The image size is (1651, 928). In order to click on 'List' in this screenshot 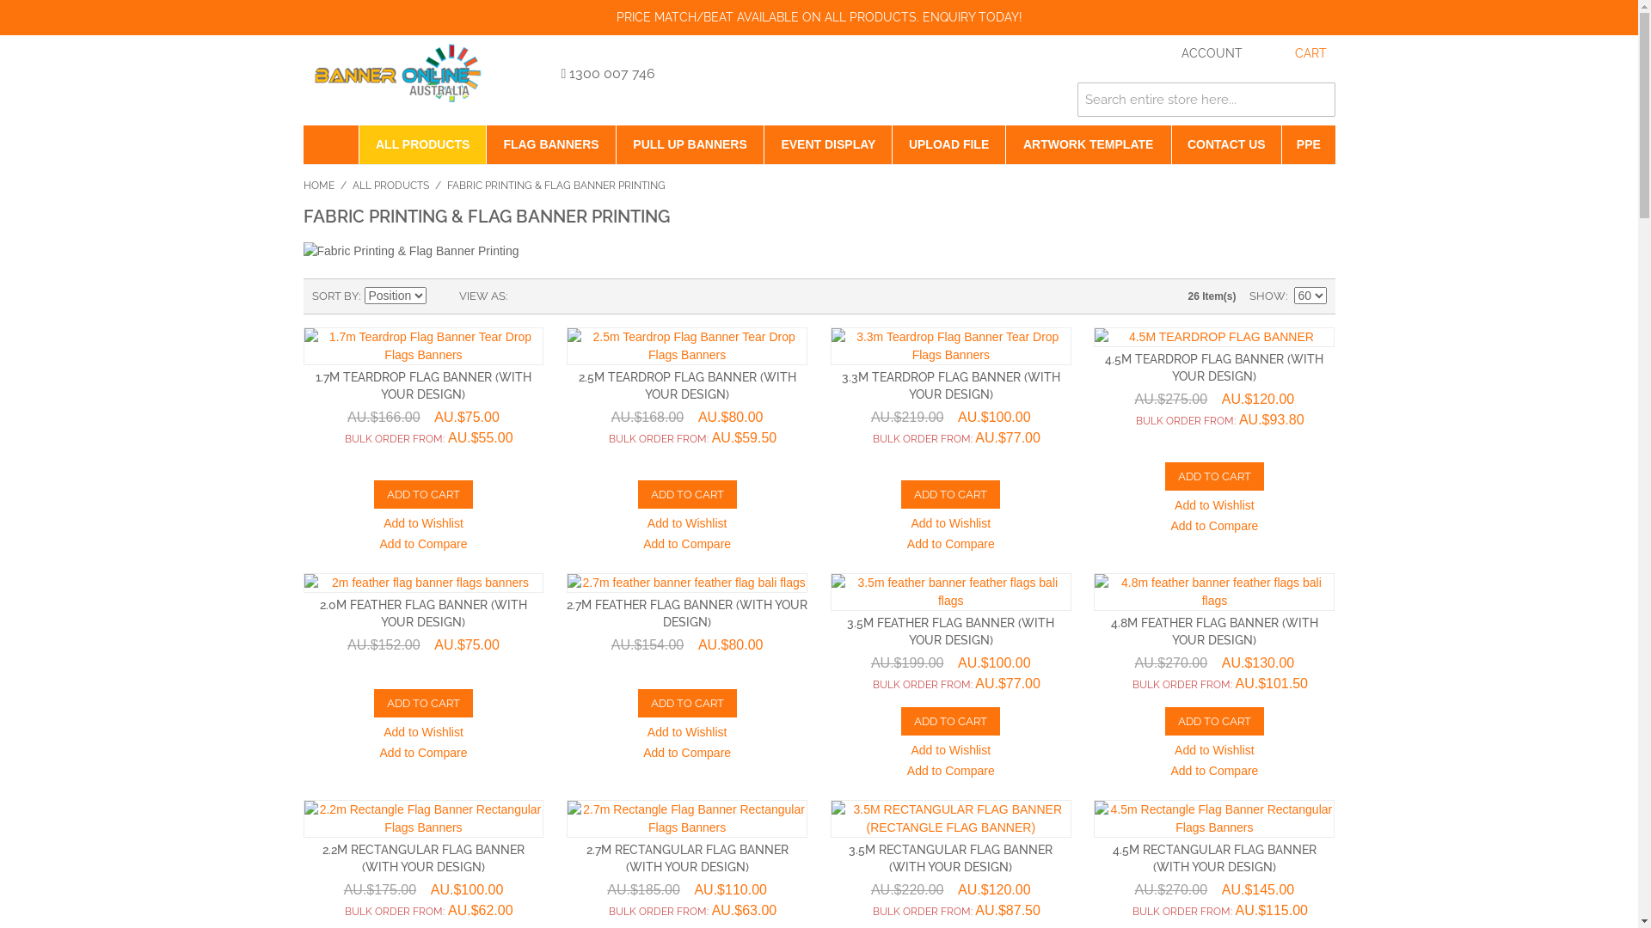, I will do `click(554, 295)`.